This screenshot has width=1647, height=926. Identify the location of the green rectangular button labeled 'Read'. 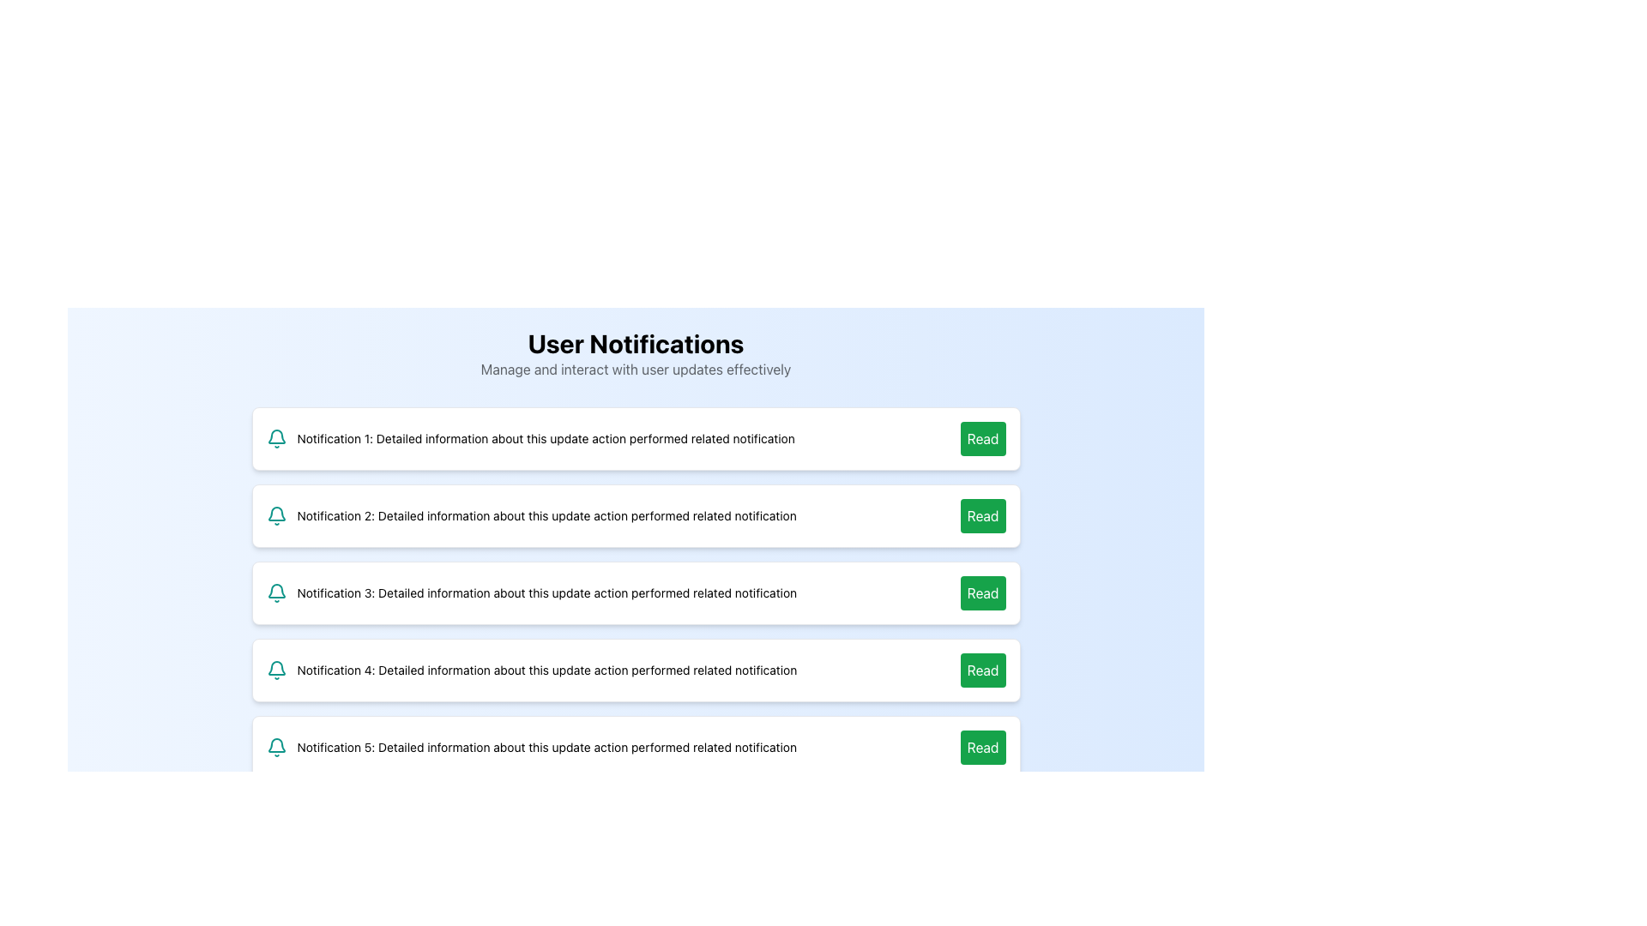
(983, 438).